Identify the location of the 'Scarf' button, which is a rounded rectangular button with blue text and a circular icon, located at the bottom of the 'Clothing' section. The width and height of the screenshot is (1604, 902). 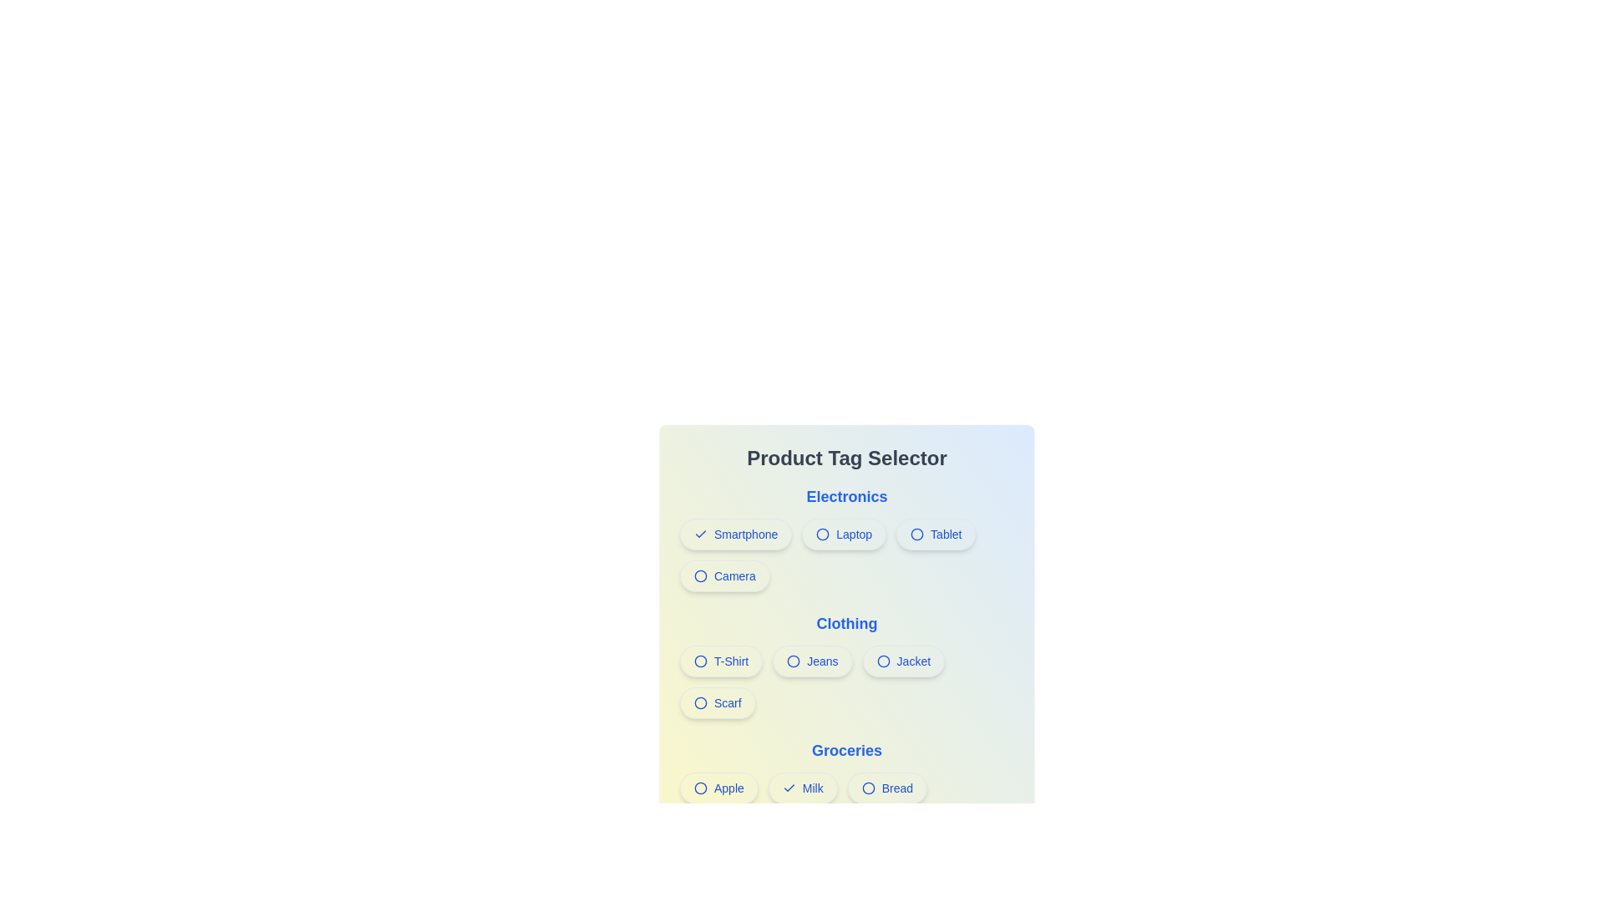
(718, 702).